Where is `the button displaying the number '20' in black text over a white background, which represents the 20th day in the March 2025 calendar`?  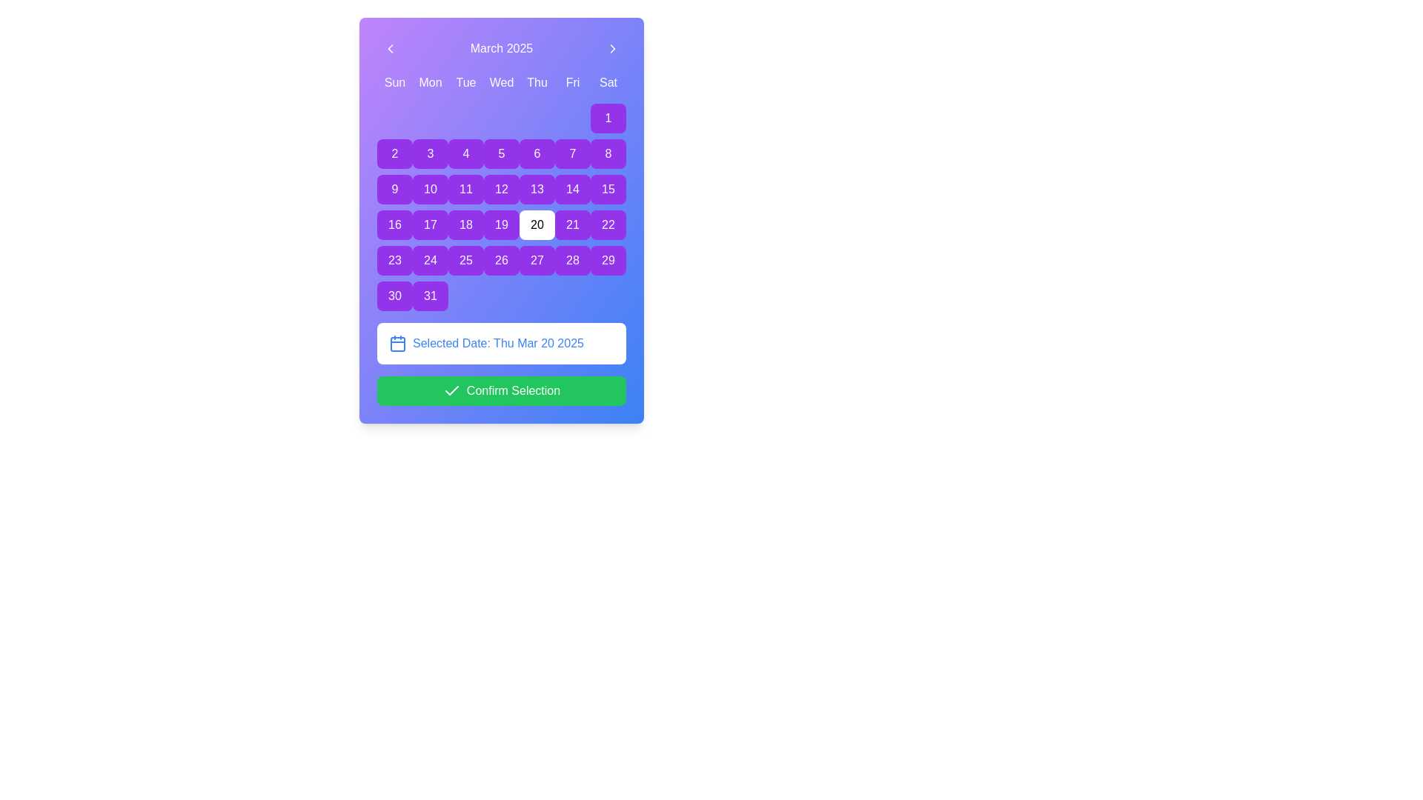
the button displaying the number '20' in black text over a white background, which represents the 20th day in the March 2025 calendar is located at coordinates (536, 225).